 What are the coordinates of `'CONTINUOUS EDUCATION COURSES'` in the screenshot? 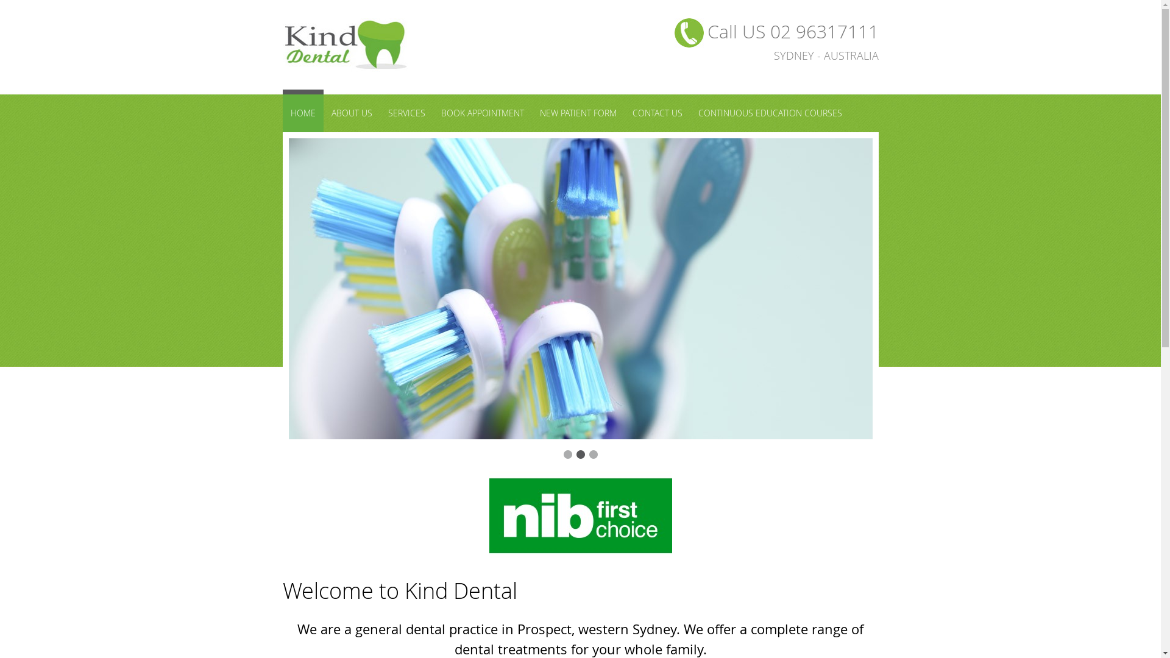 It's located at (768, 113).